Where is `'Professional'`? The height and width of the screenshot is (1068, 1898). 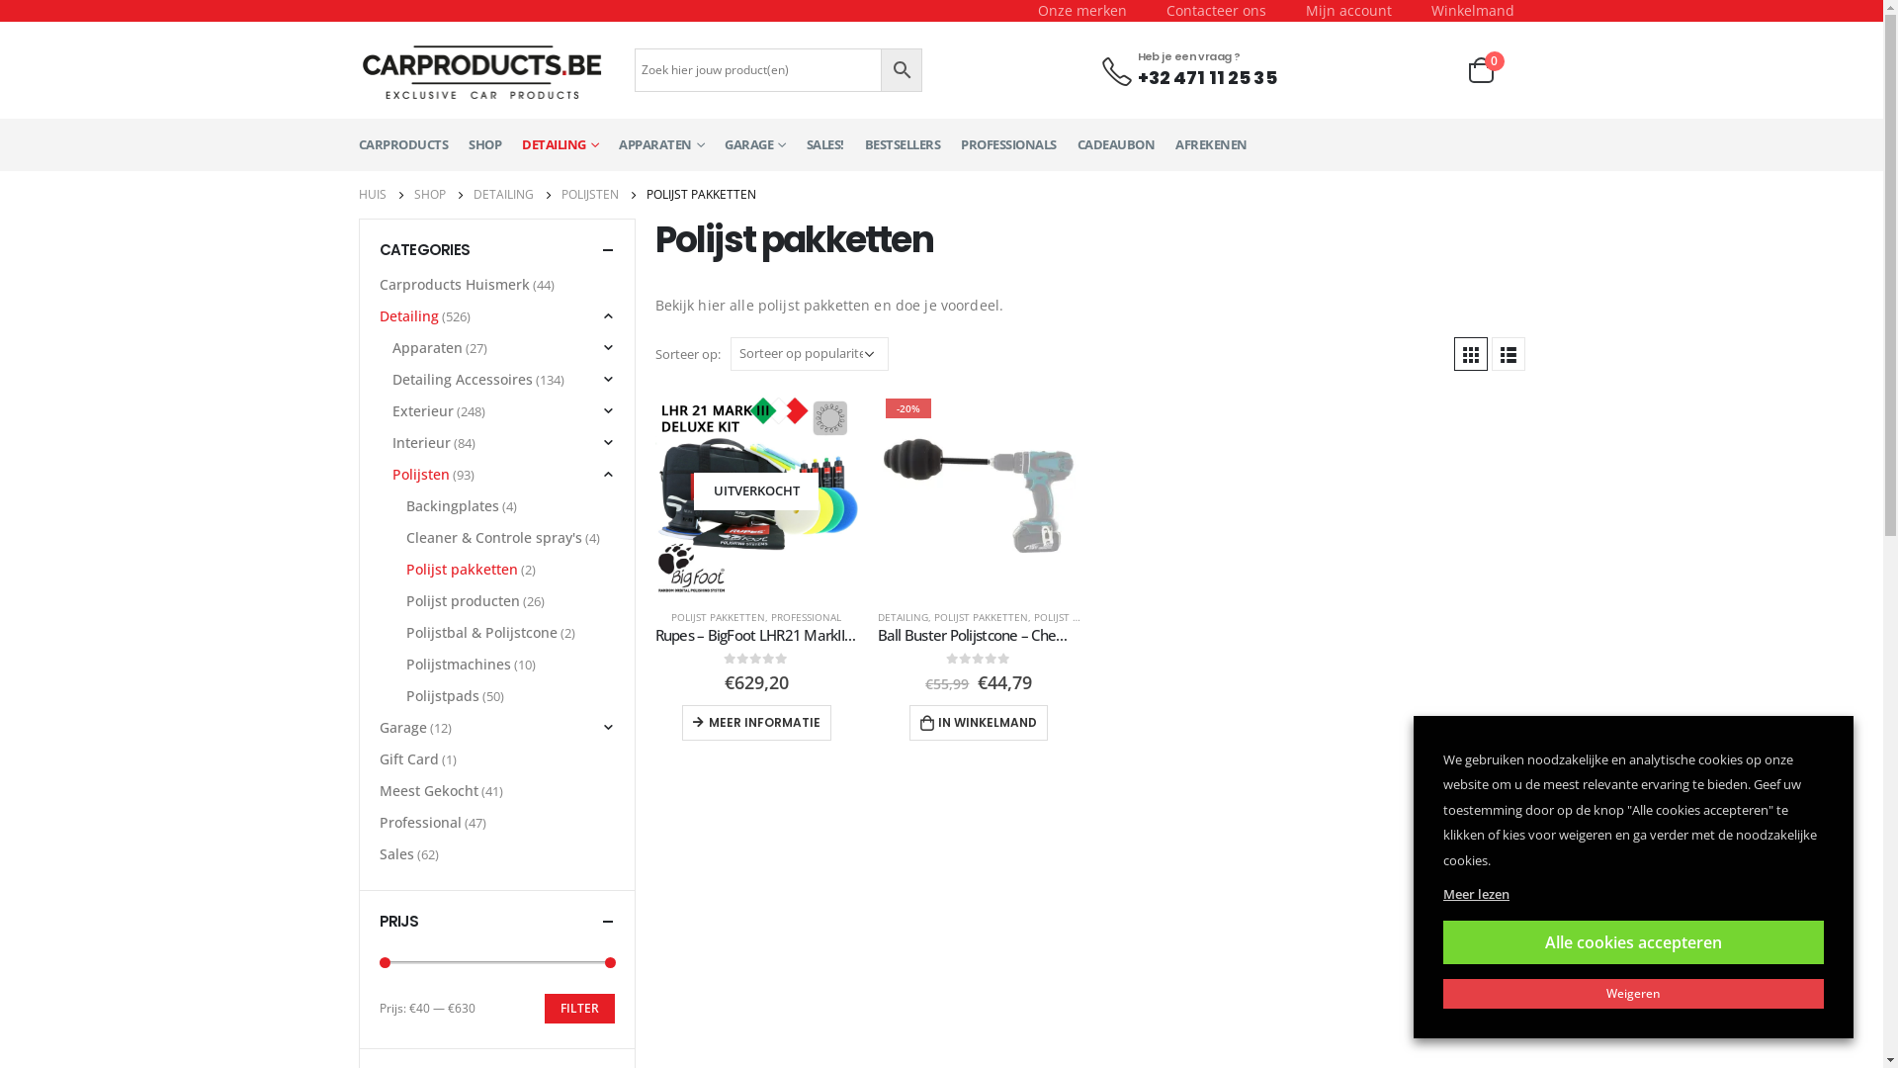
'Professional' is located at coordinates (380, 823).